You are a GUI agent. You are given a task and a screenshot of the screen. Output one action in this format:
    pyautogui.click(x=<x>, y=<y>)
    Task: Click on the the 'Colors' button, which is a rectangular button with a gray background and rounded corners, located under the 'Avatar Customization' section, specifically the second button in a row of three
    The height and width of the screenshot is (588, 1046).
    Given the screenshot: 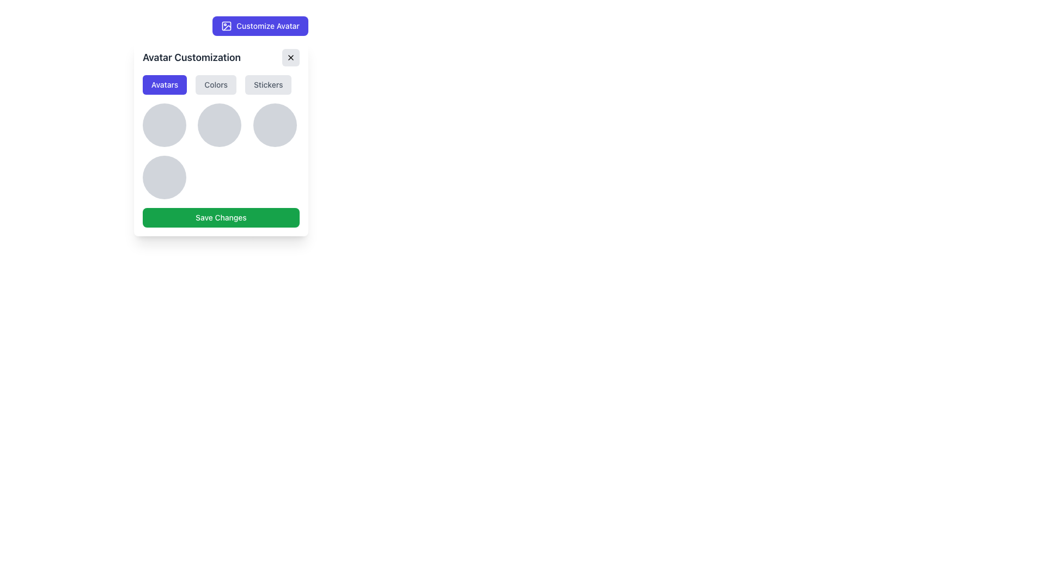 What is the action you would take?
    pyautogui.click(x=216, y=84)
    